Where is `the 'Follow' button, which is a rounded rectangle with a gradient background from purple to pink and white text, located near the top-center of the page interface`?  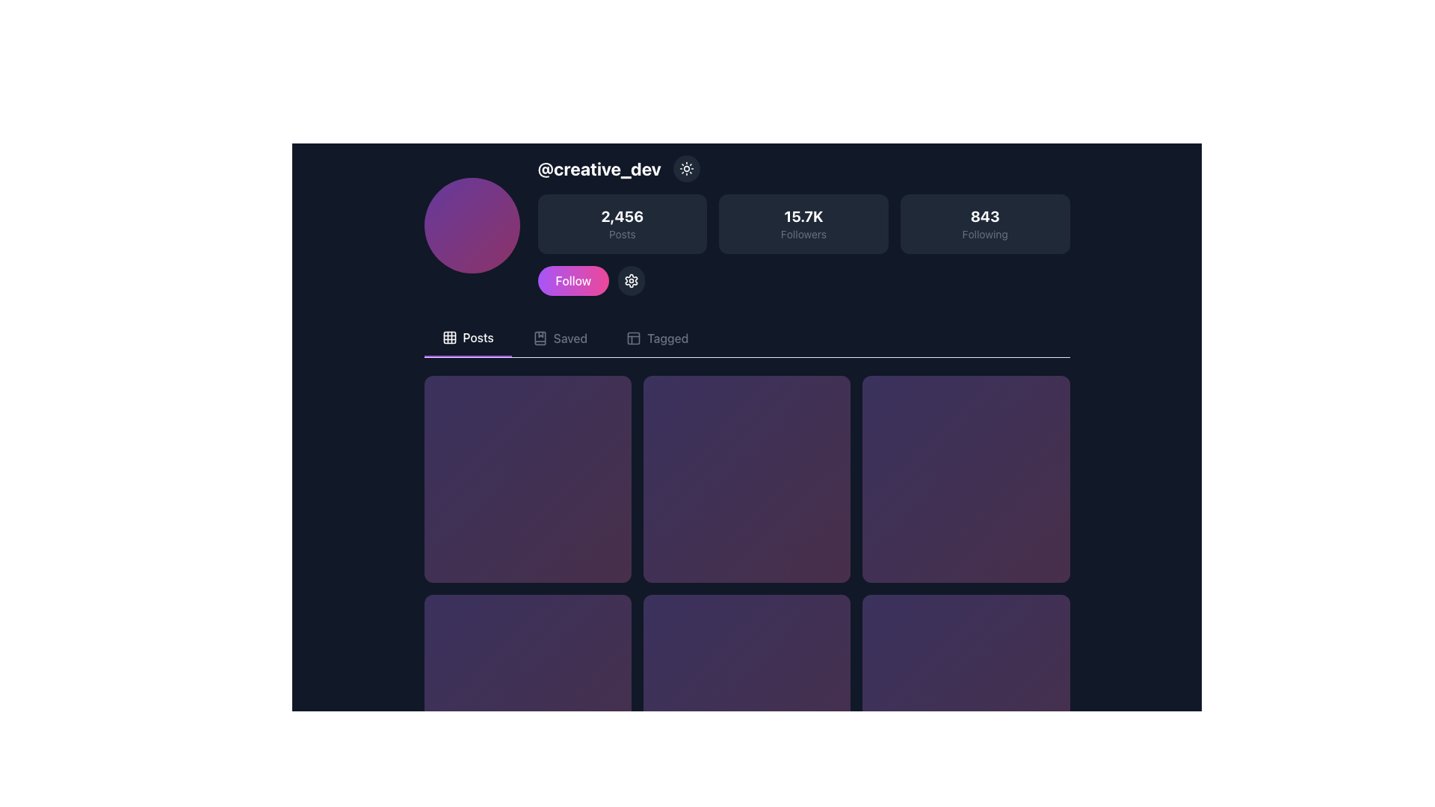
the 'Follow' button, which is a rounded rectangle with a gradient background from purple to pink and white text, located near the top-center of the page interface is located at coordinates (573, 280).